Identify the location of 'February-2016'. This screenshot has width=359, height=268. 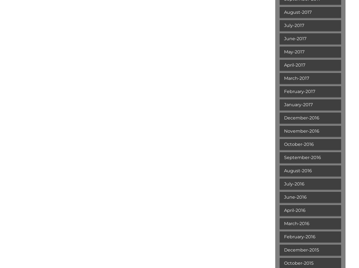
(299, 237).